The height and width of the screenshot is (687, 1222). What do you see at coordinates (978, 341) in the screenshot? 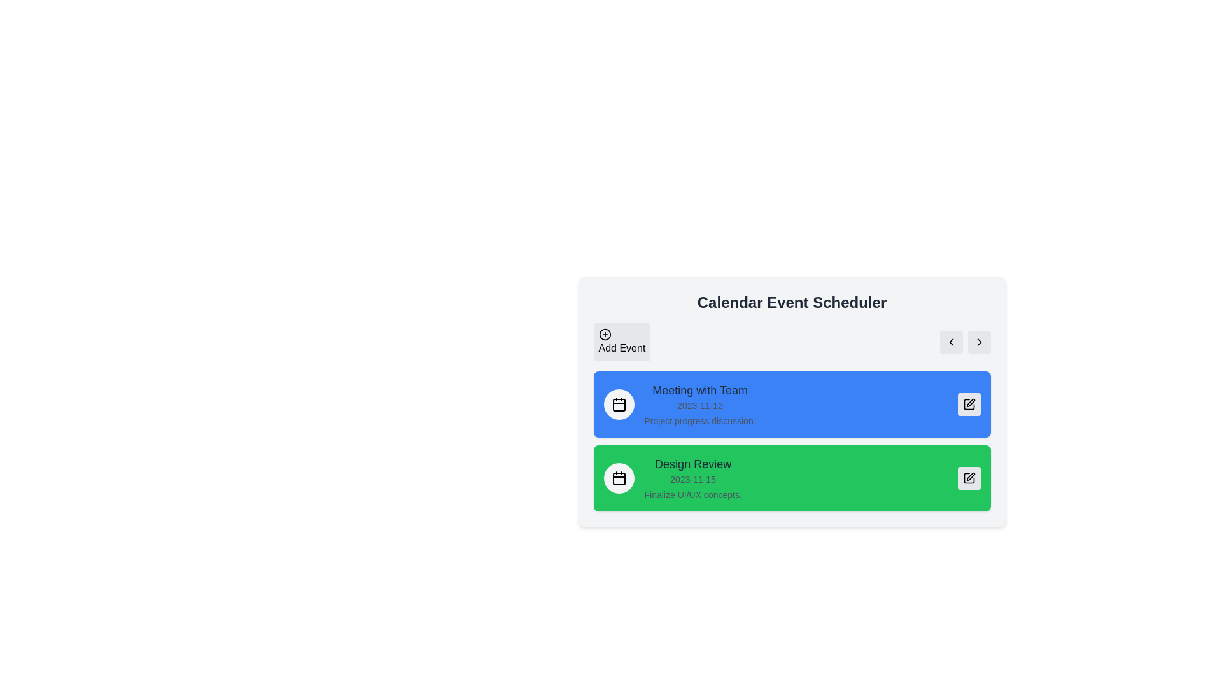
I see `the rightmost circular button with a gray background and a right-chevron icon` at bounding box center [978, 341].